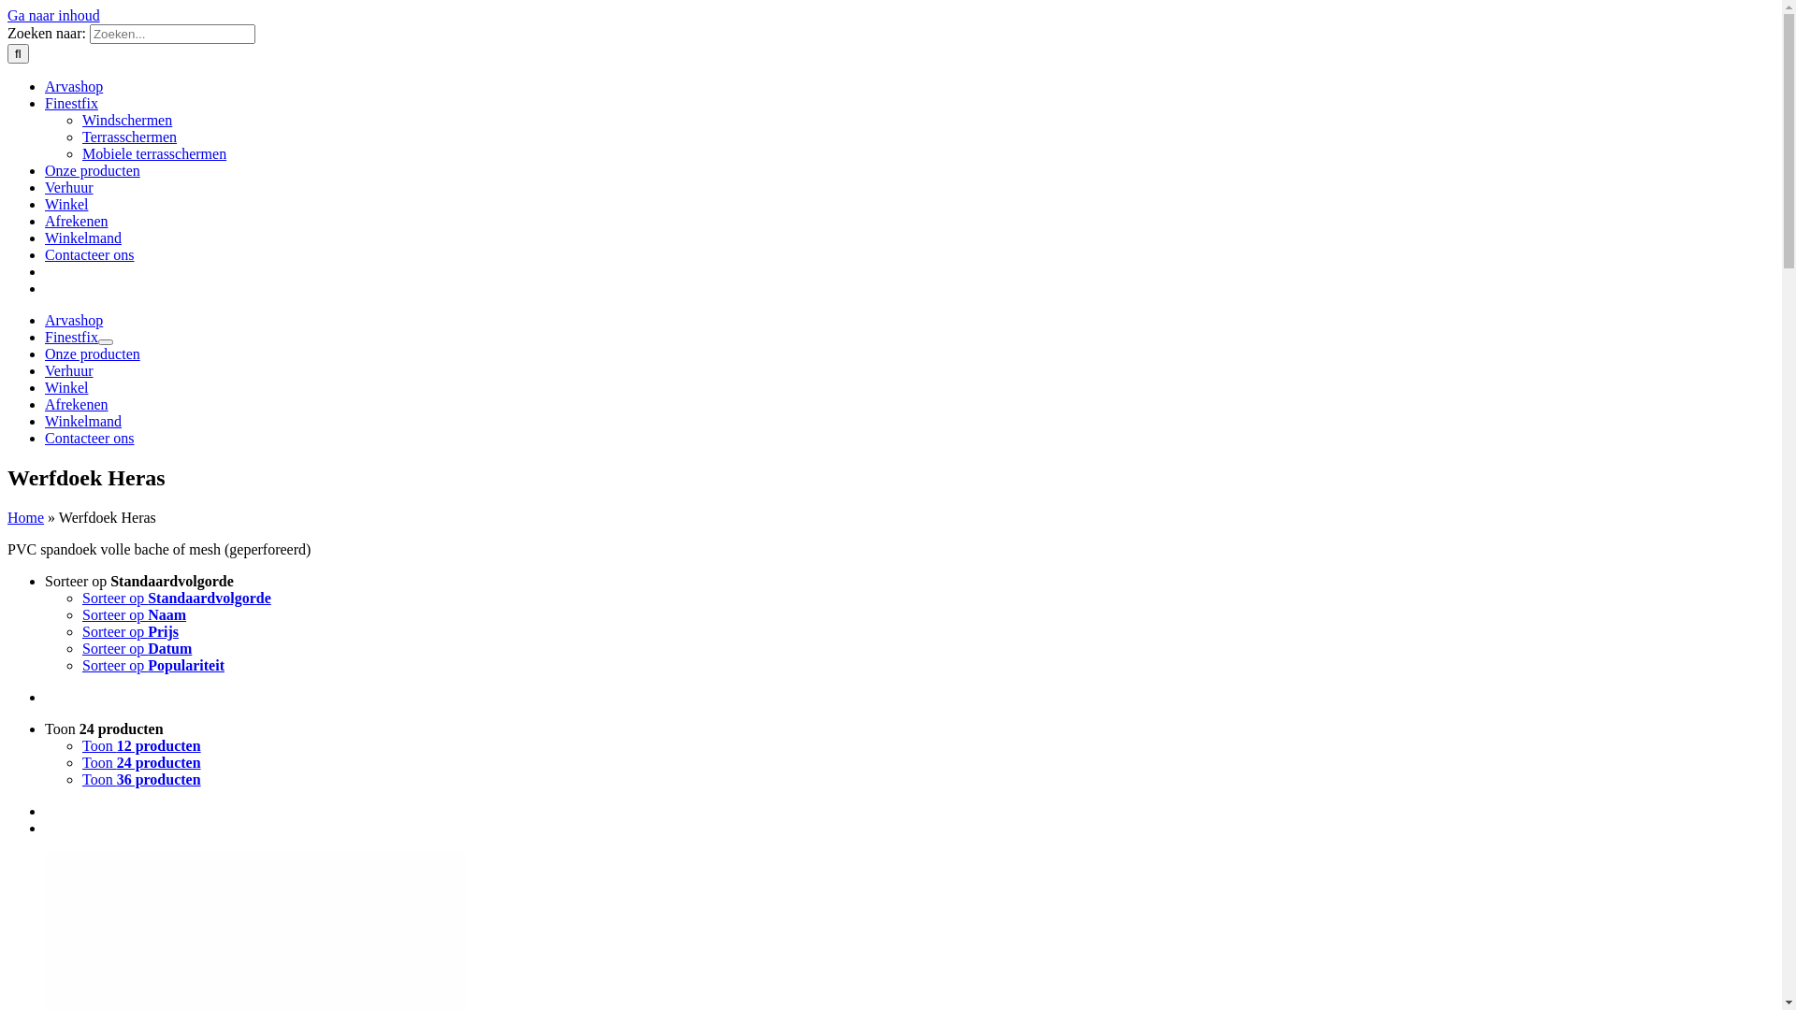 Image resolution: width=1796 pixels, height=1010 pixels. Describe the element at coordinates (140, 762) in the screenshot. I see `'Toon 24 producten'` at that location.